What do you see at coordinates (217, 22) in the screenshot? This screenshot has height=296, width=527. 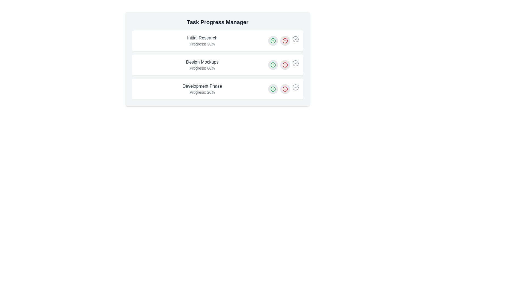 I see `the header text displaying 'Task Progress Manager' which is bold and extra-large, positioned at the top center of the section` at bounding box center [217, 22].